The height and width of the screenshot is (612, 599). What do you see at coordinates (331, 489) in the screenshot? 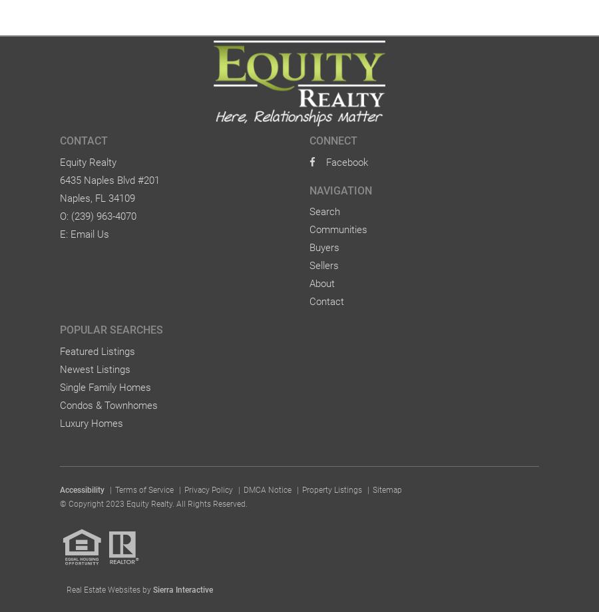
I see `'Property Listings'` at bounding box center [331, 489].